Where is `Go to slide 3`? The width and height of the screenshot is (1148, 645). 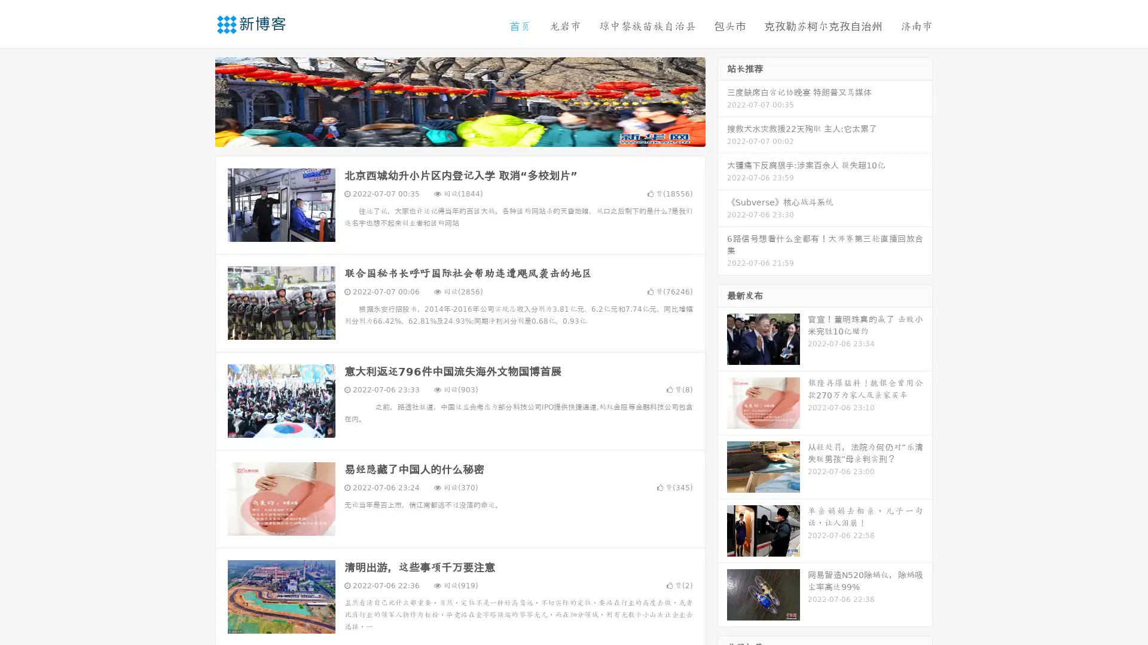
Go to slide 3 is located at coordinates (472, 134).